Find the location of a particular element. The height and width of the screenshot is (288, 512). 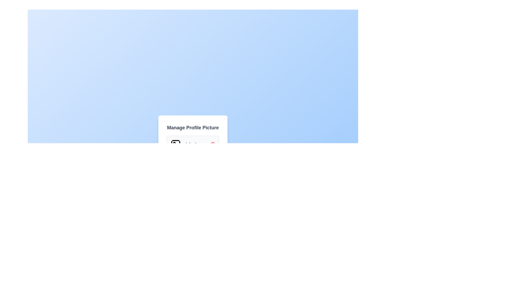

the image preview labeled 'default.png' located in the 'Manage Profile Picture' section is located at coordinates (193, 145).